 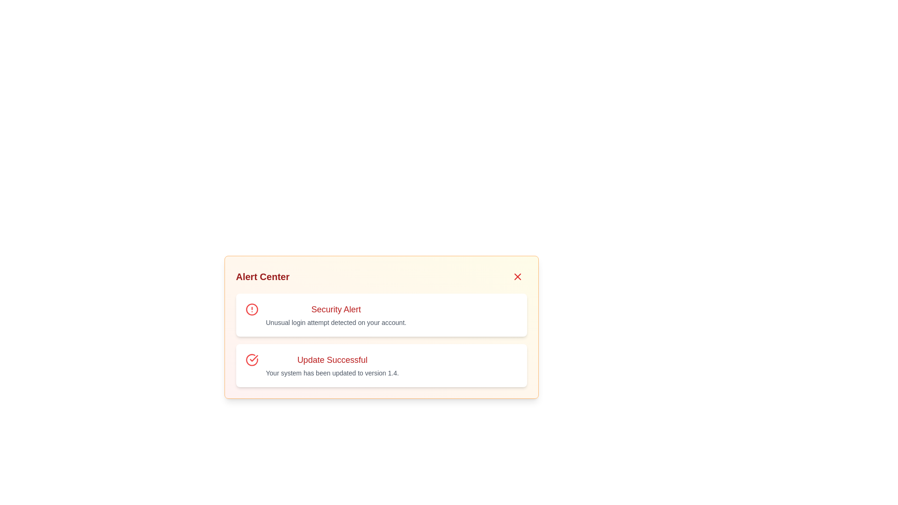 I want to click on the informational text label that conveys the system update details stating the update to version 1.4, located beneath the heading in the 'Update Successful' notification card, so click(x=332, y=373).